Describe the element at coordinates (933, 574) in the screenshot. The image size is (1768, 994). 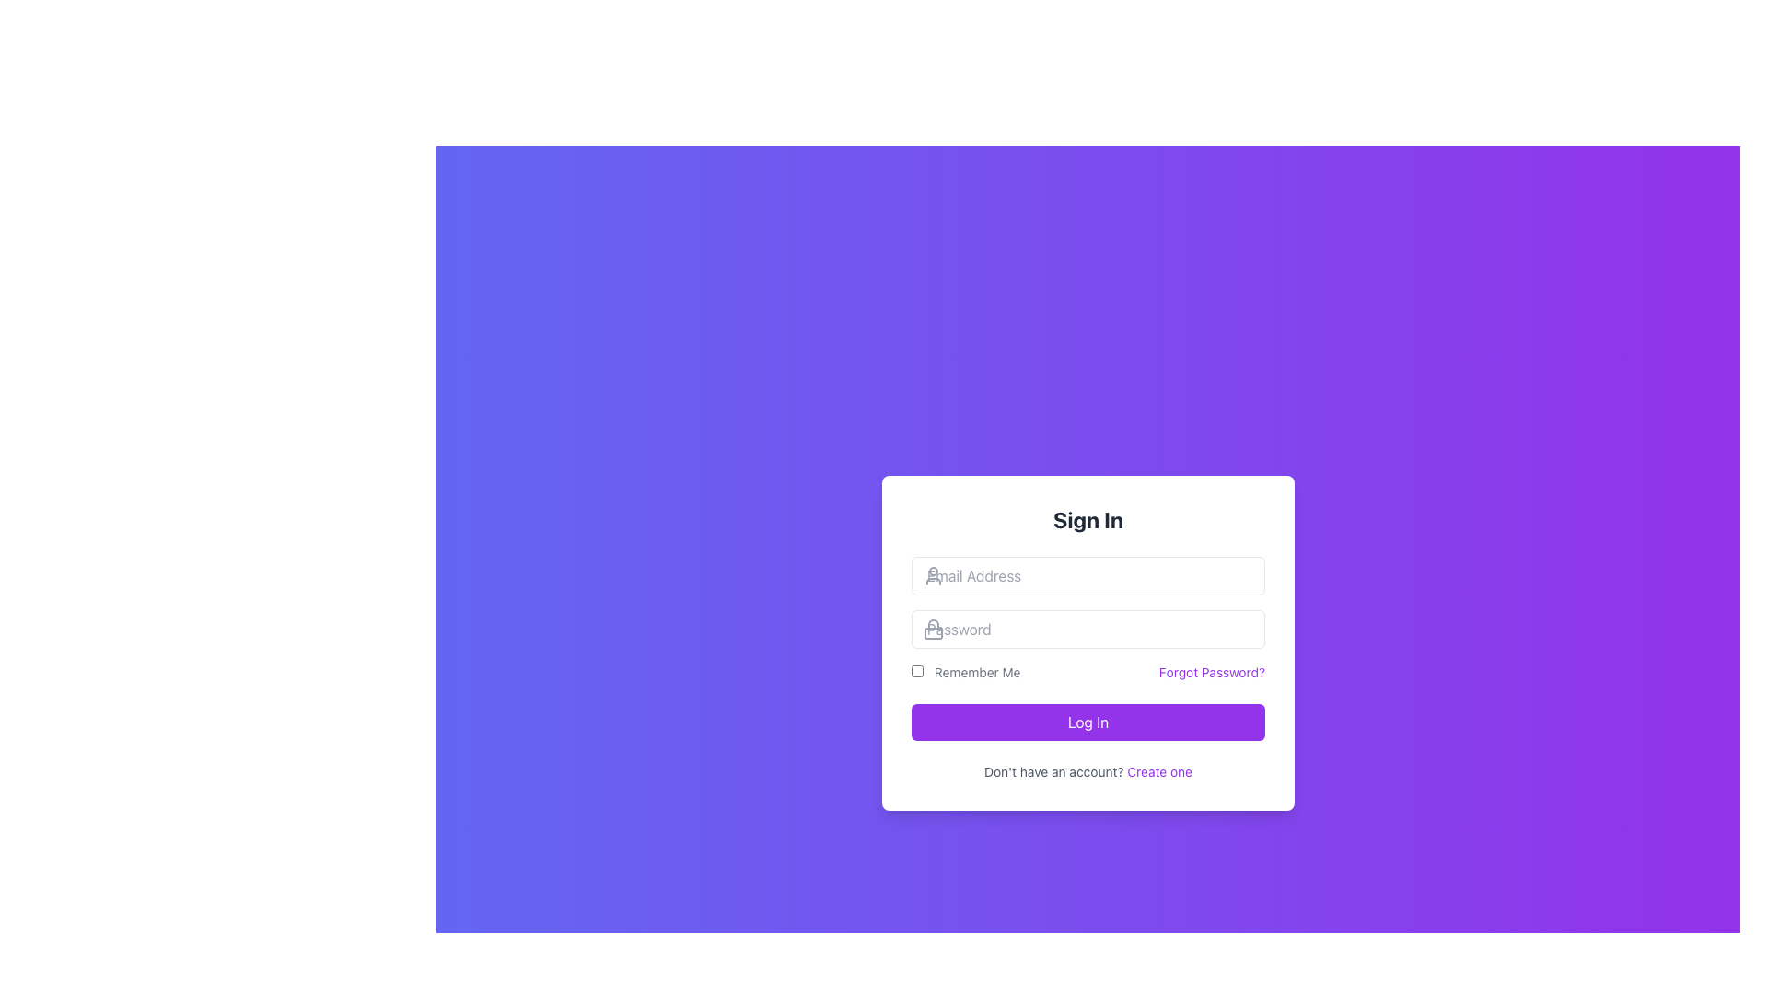
I see `the profile icon represented as an SVG graphic, which features a rounded head and shoulders outline with a gray stroke color, located to the left of the email address input box` at that location.